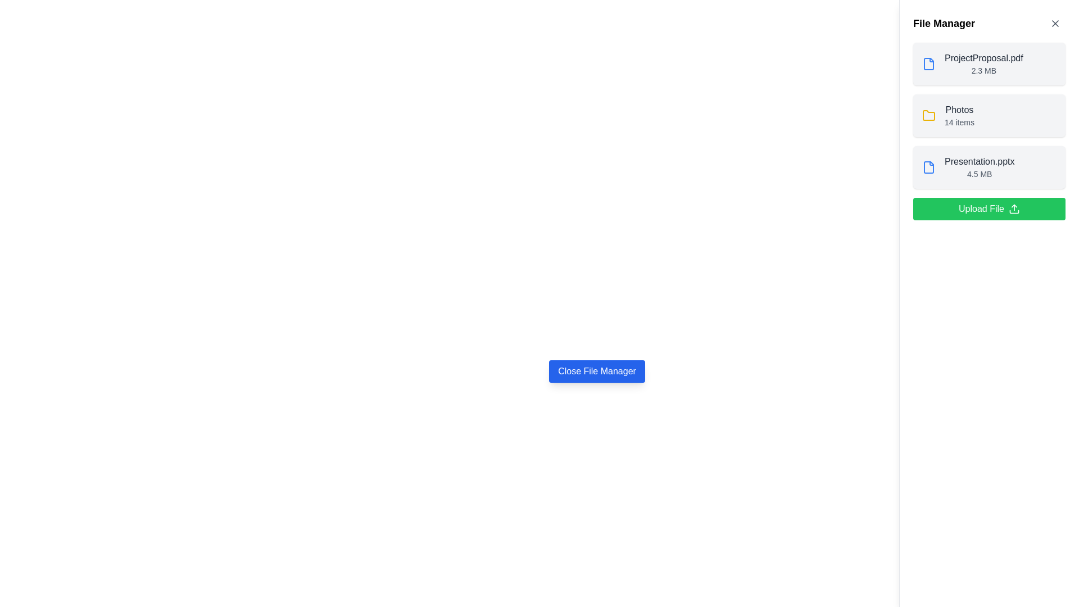  What do you see at coordinates (1054, 24) in the screenshot?
I see `the small circular button with an 'X' icon located in the top-right corner of the header section of the file manager panel for keyboard interaction` at bounding box center [1054, 24].